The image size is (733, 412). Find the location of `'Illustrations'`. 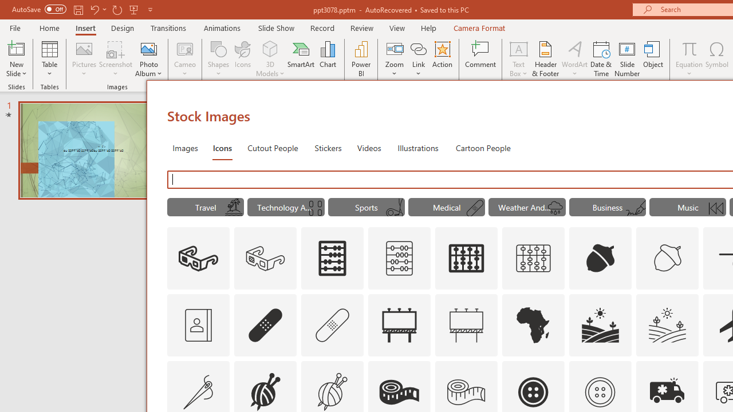

'Illustrations' is located at coordinates (417, 147).